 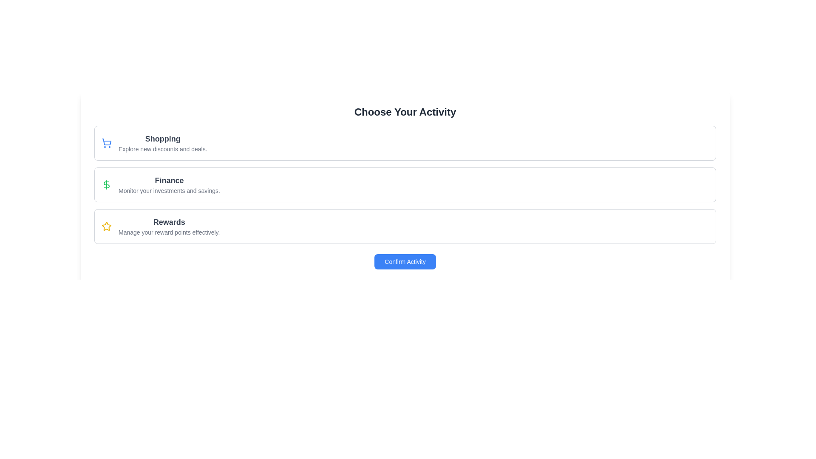 I want to click on the descriptive subtitle text located immediately below the 'Rewards' header in the third section of activity options, so click(x=169, y=232).